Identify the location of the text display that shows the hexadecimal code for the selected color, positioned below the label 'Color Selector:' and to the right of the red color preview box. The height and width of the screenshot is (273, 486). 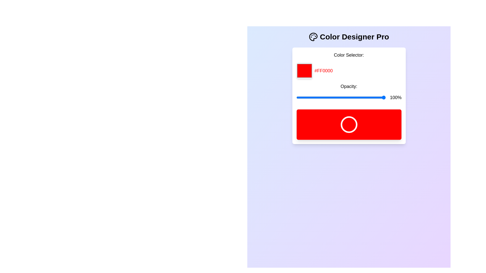
(349, 71).